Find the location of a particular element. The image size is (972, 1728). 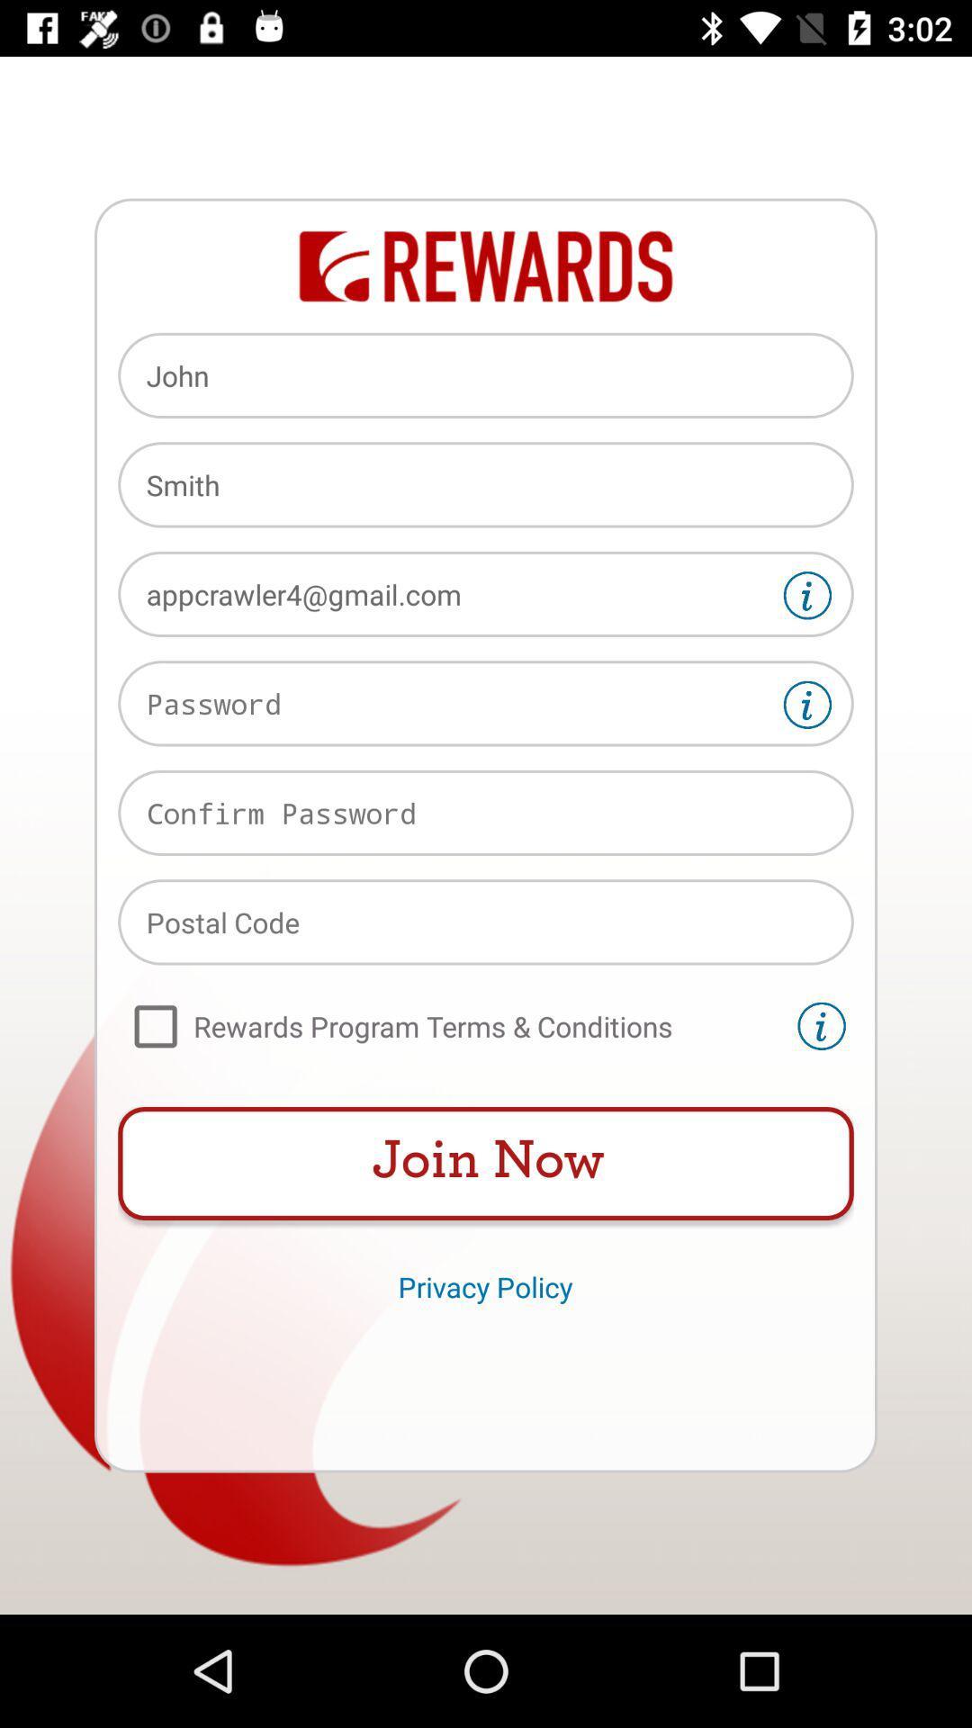

password is located at coordinates (486, 702).